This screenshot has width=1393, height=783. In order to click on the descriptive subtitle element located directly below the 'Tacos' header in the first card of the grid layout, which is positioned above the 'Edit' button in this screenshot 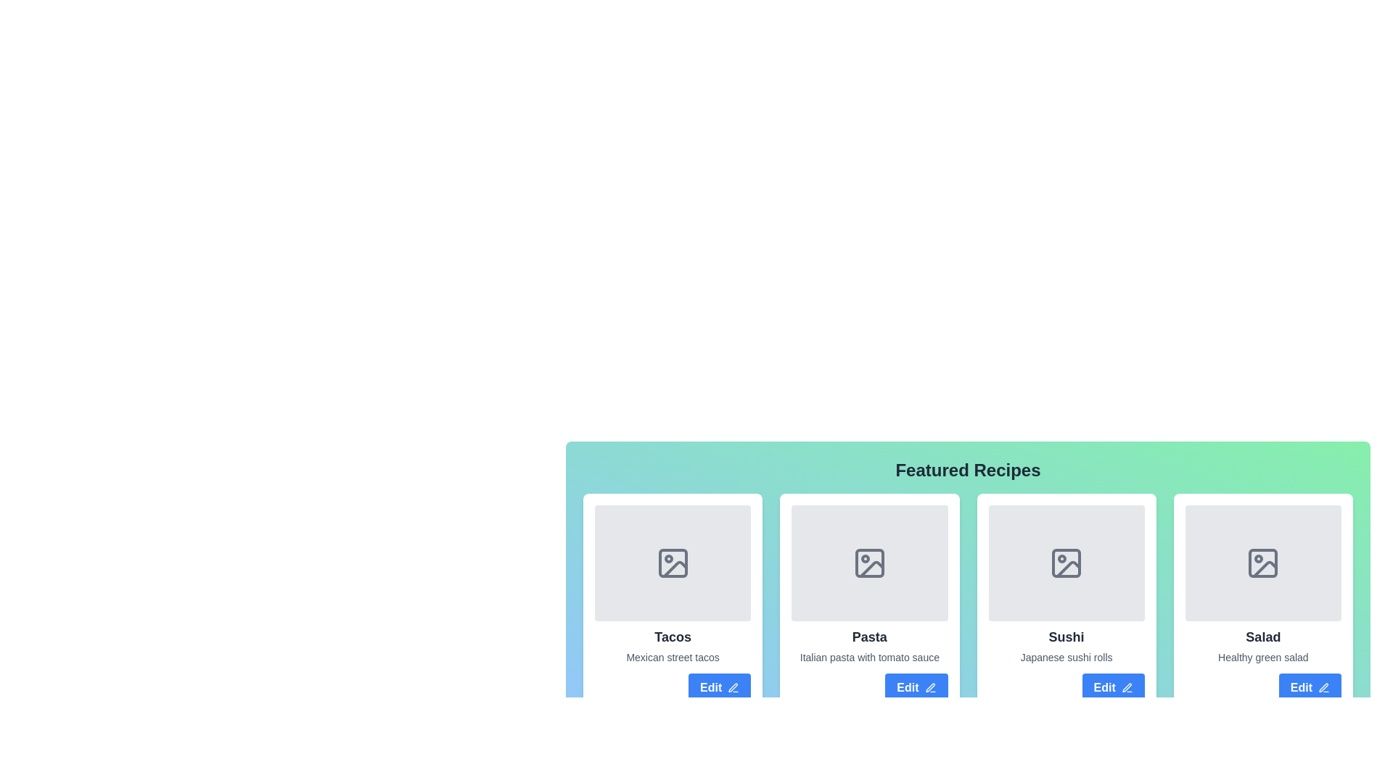, I will do `click(672, 657)`.